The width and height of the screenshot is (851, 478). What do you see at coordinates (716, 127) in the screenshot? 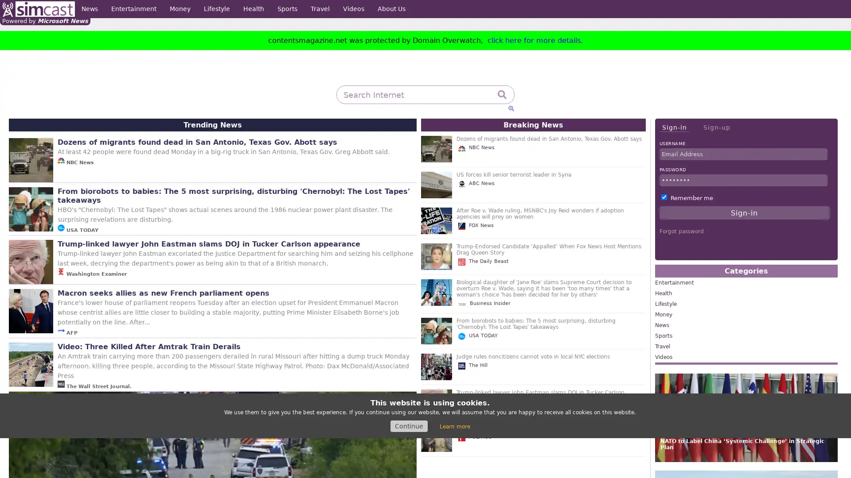
I see `Sign-up` at bounding box center [716, 127].